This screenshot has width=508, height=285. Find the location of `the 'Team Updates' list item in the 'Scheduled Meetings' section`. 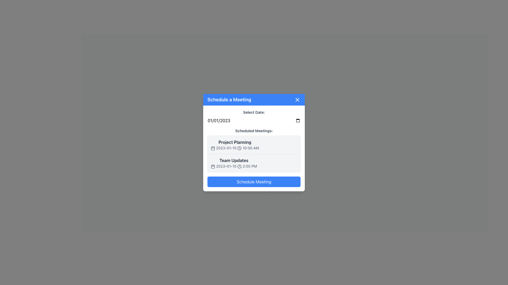

the 'Team Updates' list item in the 'Scheduled Meetings' section is located at coordinates (254, 163).